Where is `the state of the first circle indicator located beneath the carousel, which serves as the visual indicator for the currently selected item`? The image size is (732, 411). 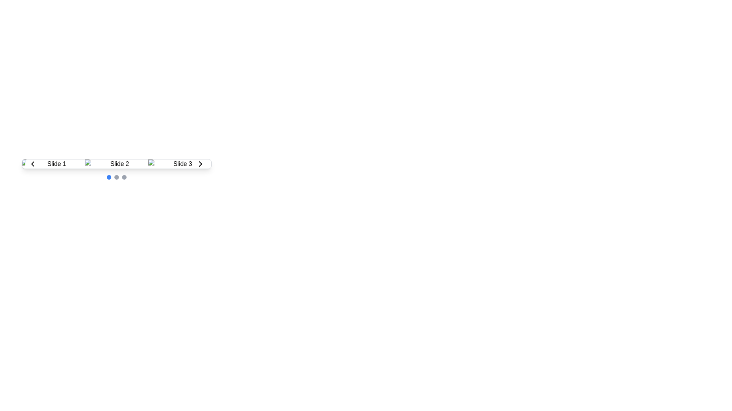 the state of the first circle indicator located beneath the carousel, which serves as the visual indicator for the currently selected item is located at coordinates (109, 177).